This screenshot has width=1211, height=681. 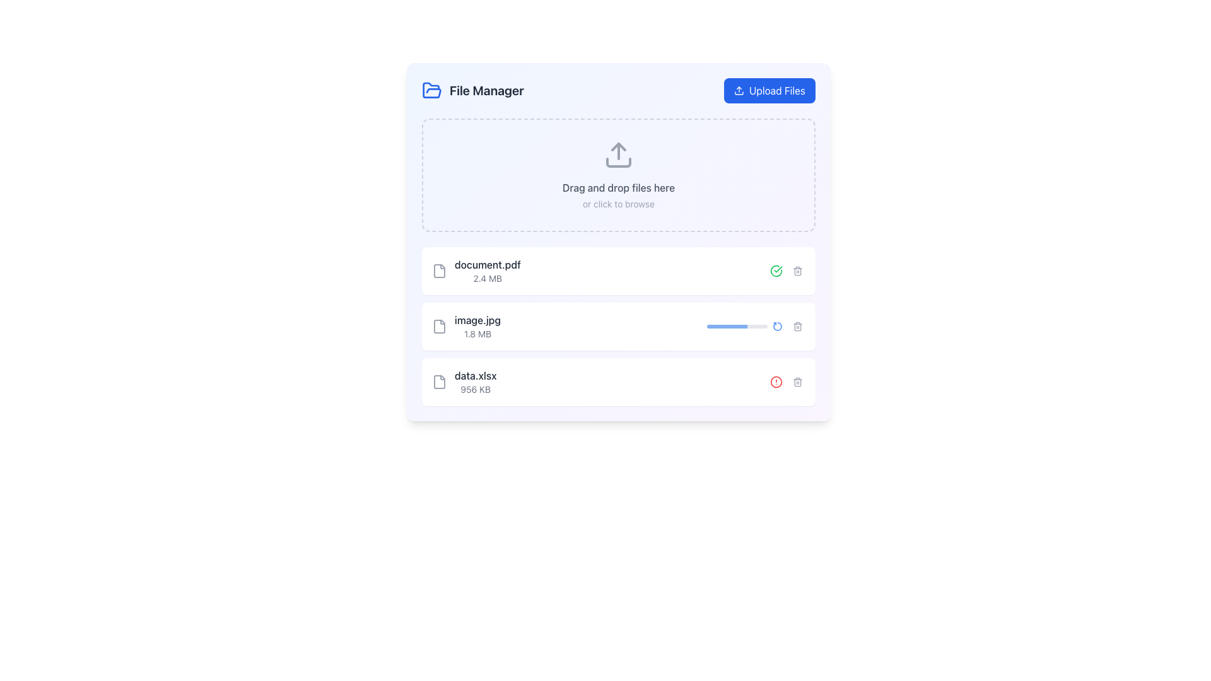 I want to click on the static text label displaying the name of a file in the first row of the file manager interface, so click(x=487, y=264).